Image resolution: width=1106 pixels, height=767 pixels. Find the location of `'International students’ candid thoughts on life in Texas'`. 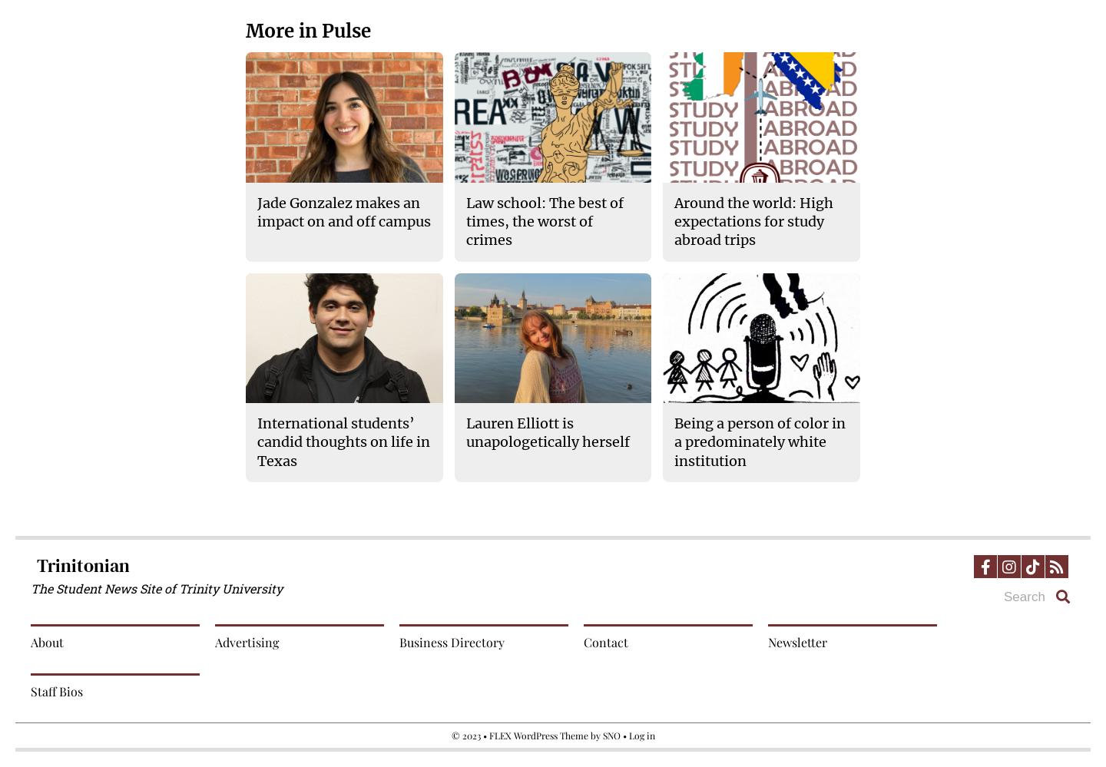

'International students’ candid thoughts on life in Texas' is located at coordinates (257, 441).